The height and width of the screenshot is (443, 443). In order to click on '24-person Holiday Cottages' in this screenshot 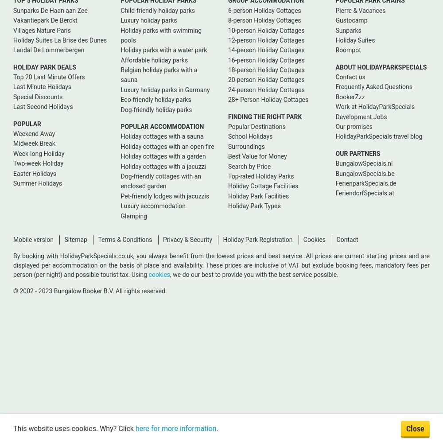, I will do `click(228, 89)`.